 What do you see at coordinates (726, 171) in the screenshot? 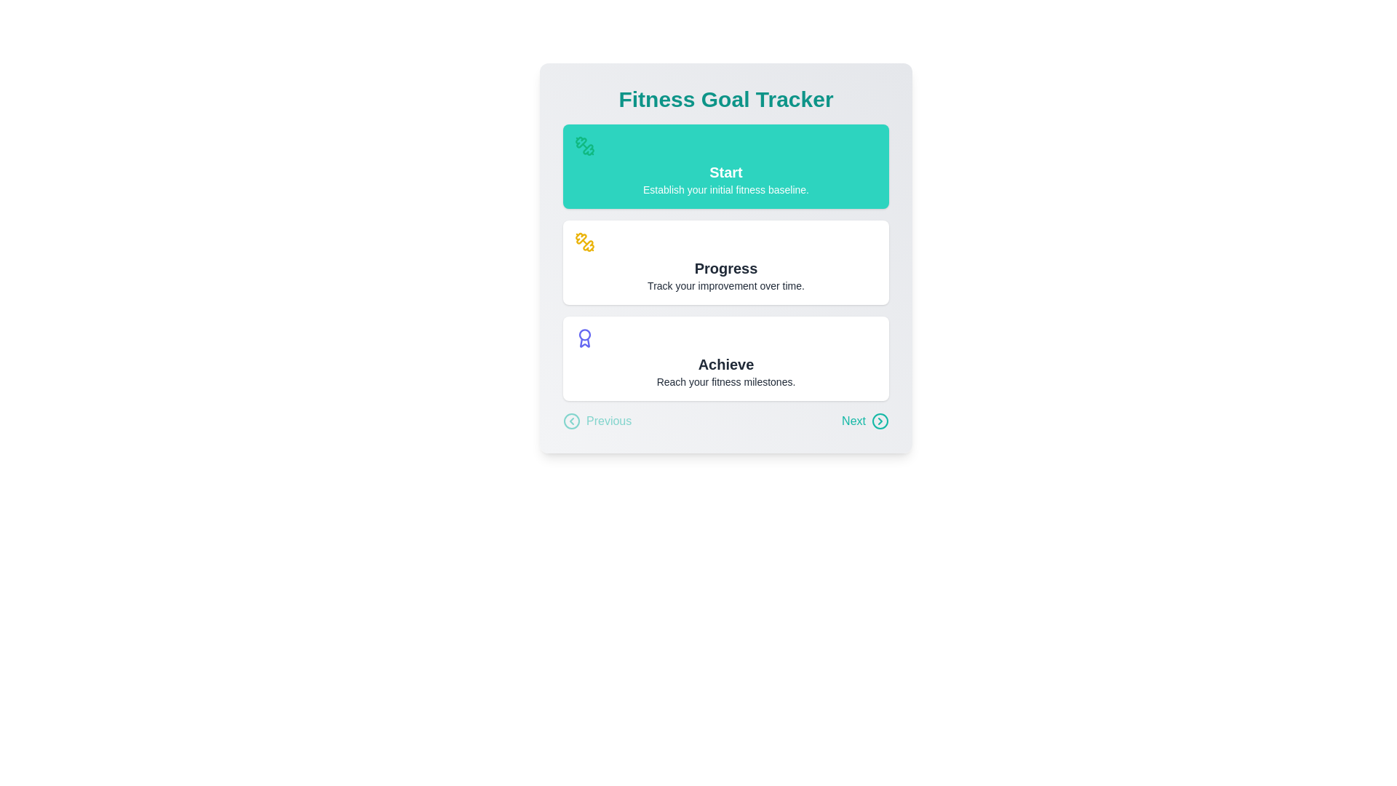
I see `text label that serves as a header for the section, positioned within a teal, rounded rectangle just below the title 'Fitness Goal Tracker'` at bounding box center [726, 171].